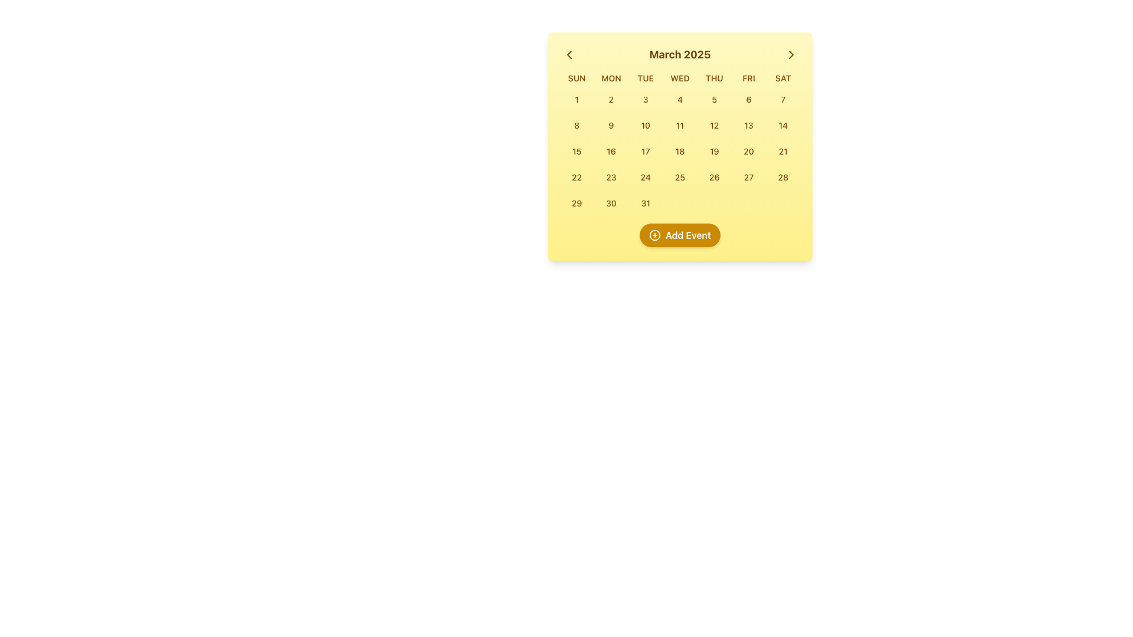 The width and height of the screenshot is (1133, 637). Describe the element at coordinates (748, 177) in the screenshot. I see `the text display showing the number '27' in the calendar grid for Friday, March 27, 2025` at that location.